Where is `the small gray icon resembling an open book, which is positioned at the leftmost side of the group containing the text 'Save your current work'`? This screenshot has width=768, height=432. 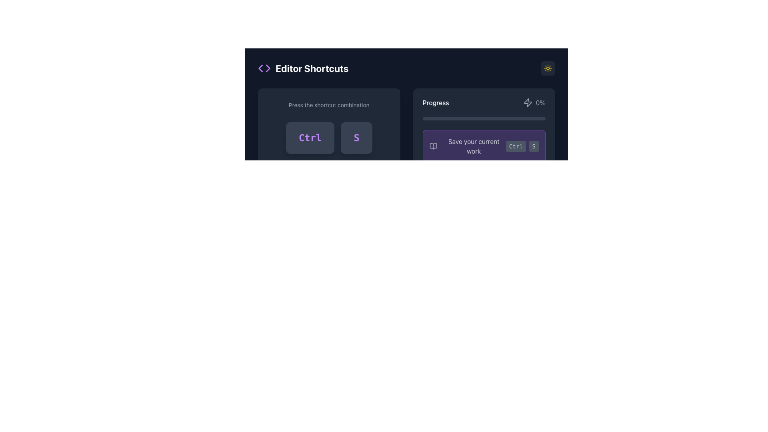
the small gray icon resembling an open book, which is positioned at the leftmost side of the group containing the text 'Save your current work' is located at coordinates (433, 146).